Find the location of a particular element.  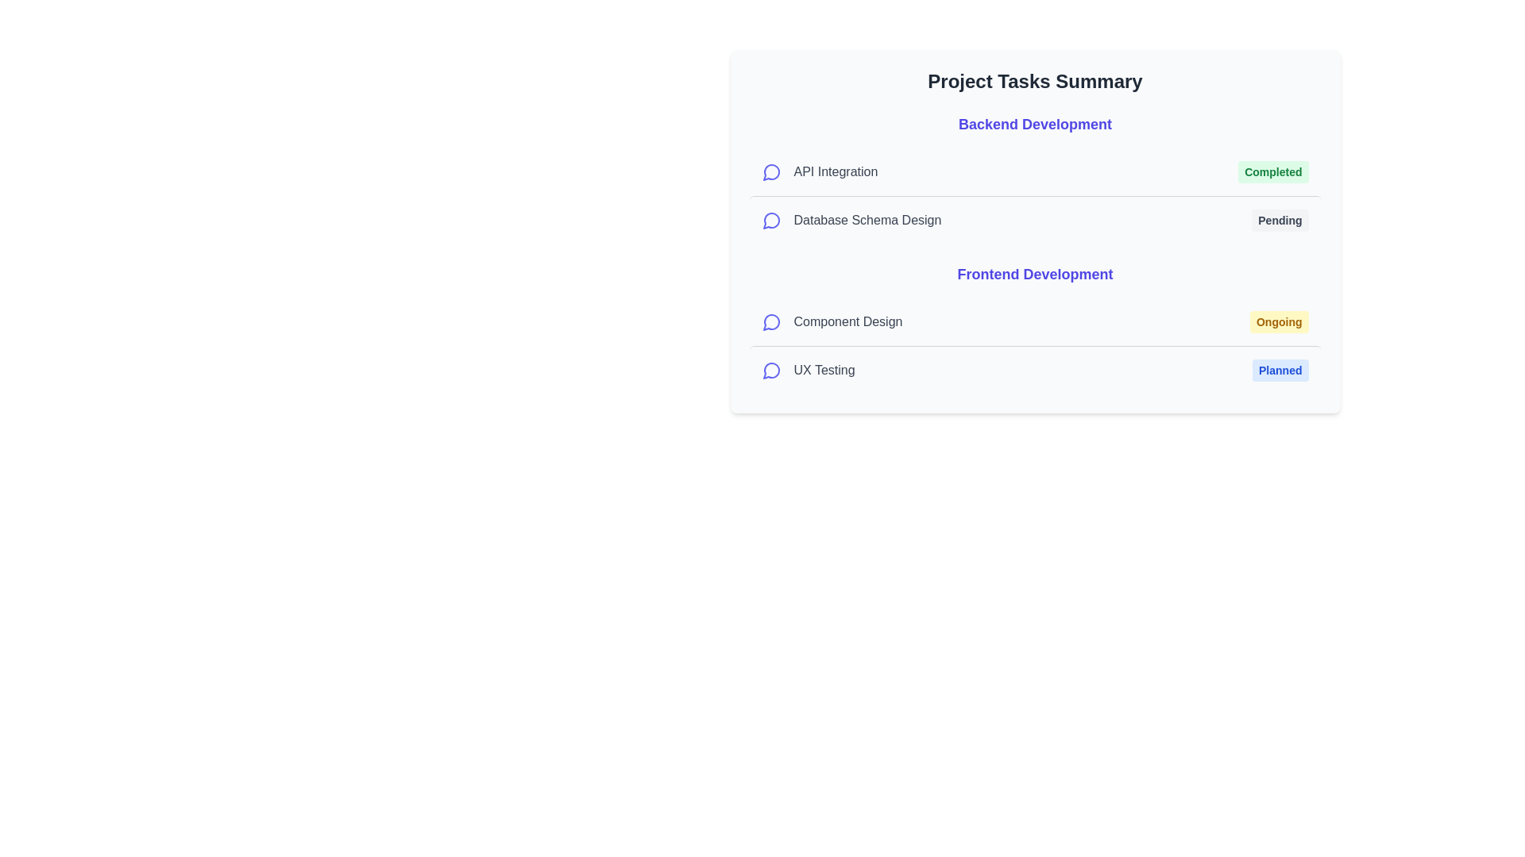

the text label representing the title or category of a task item, which is the last text label in a vertical list, located below 'Component Design' and to the right of an associated chat bubble icon is located at coordinates (824, 370).